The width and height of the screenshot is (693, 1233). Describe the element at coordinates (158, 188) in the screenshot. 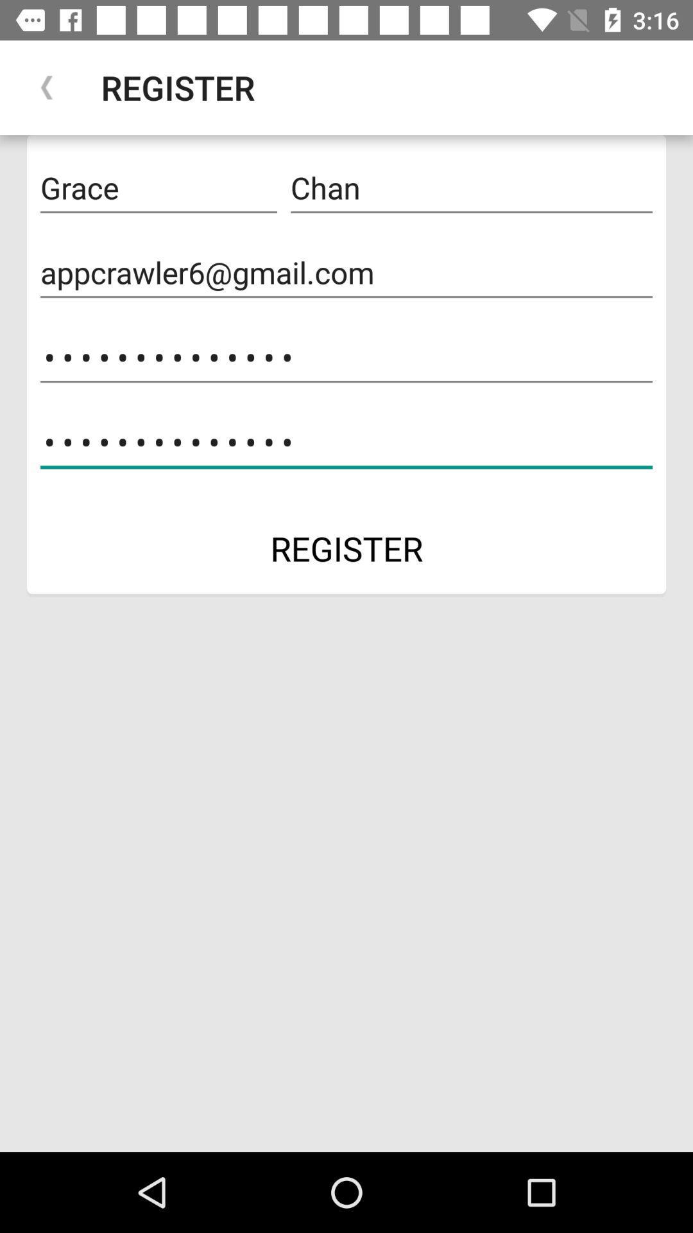

I see `grace item` at that location.